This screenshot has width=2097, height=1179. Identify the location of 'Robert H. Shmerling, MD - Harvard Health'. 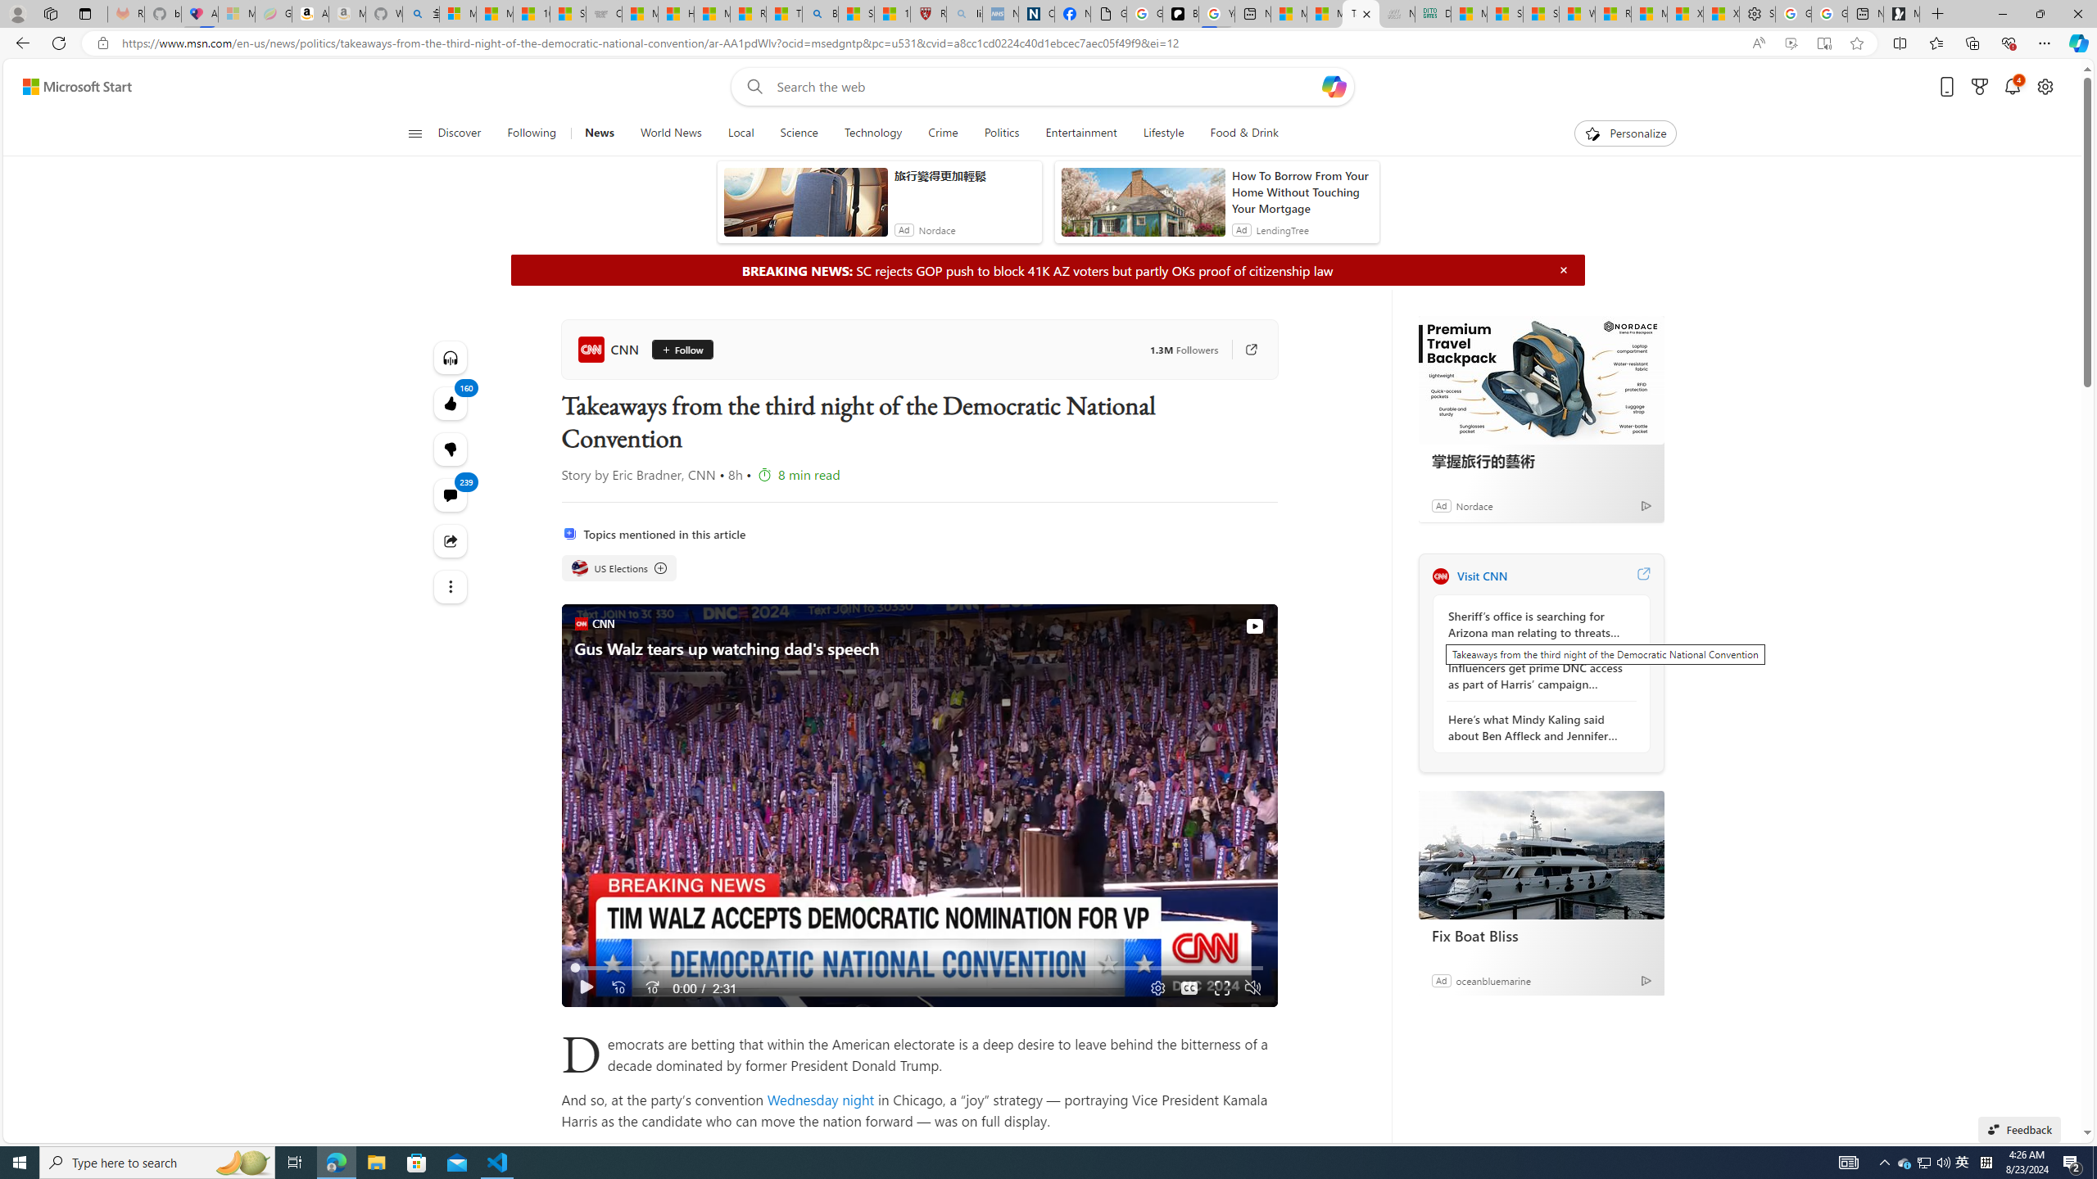
(928, 13).